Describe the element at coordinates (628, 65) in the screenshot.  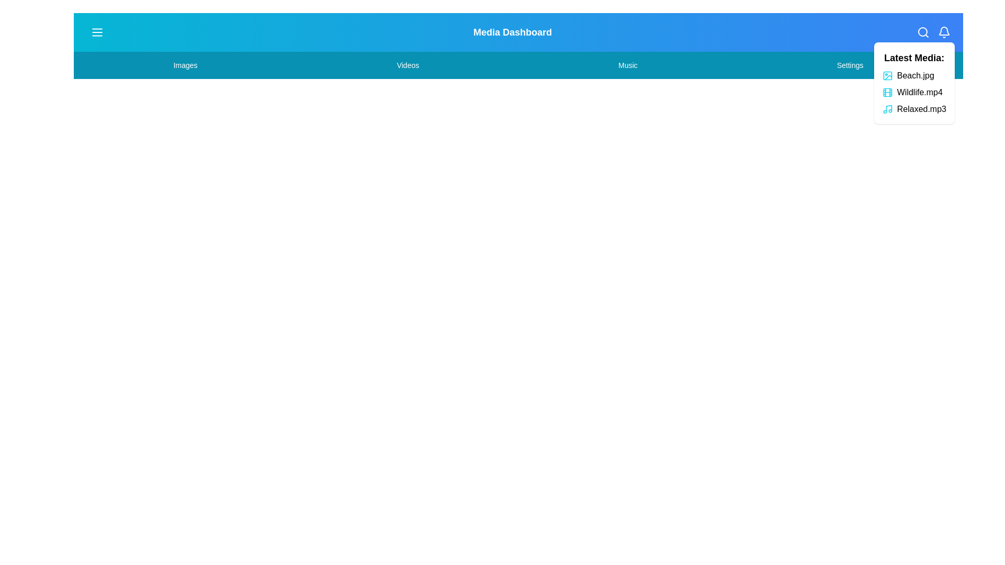
I see `the menu item Music by clicking on it` at that location.